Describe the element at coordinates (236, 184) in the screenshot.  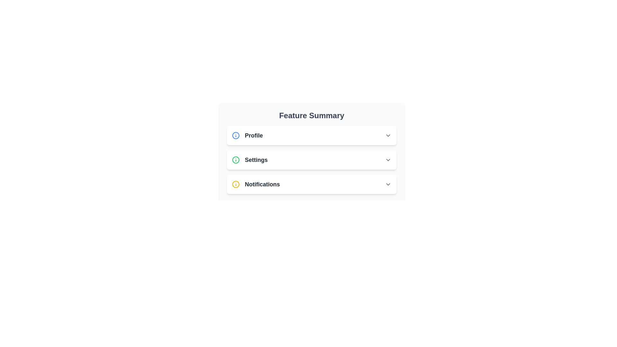
I see `the Notifications icon located to the left of the Notifications section header, which is the third item in the Feature Summary list` at that location.